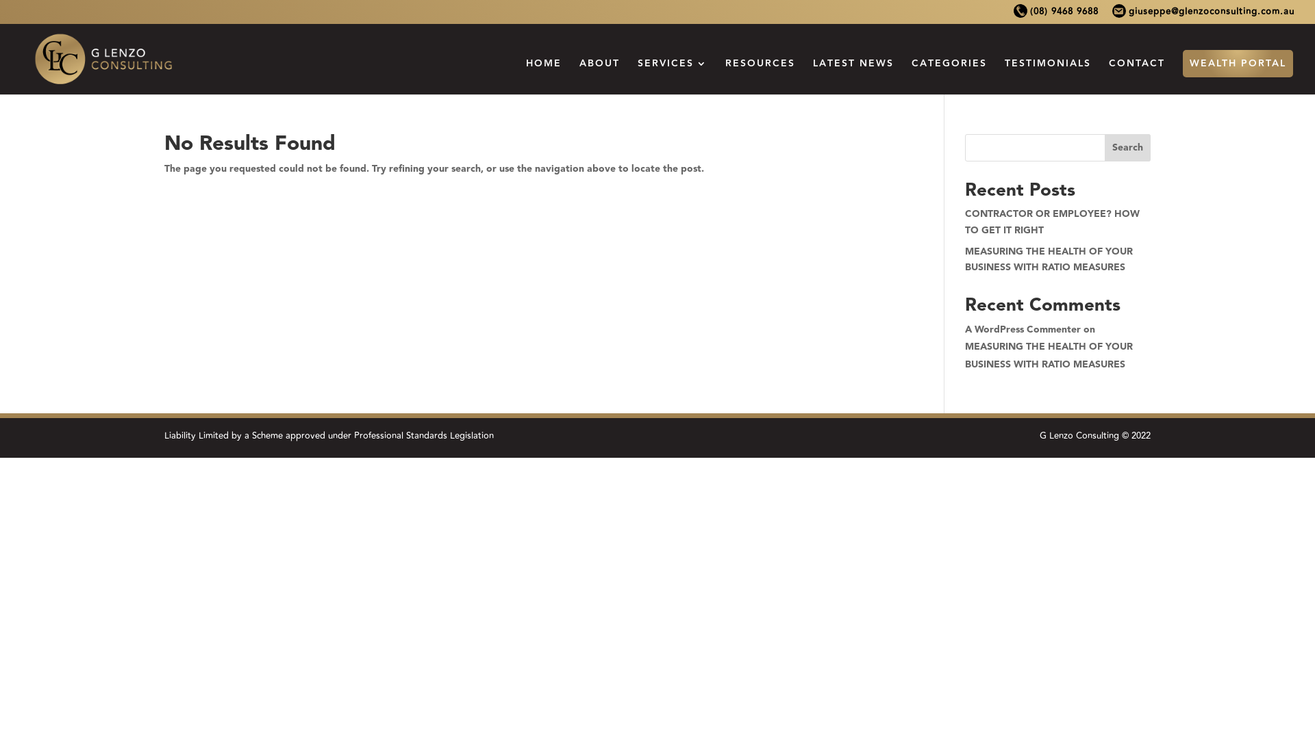  Describe the element at coordinates (1013, 16) in the screenshot. I see `'(08) 9468 9688'` at that location.